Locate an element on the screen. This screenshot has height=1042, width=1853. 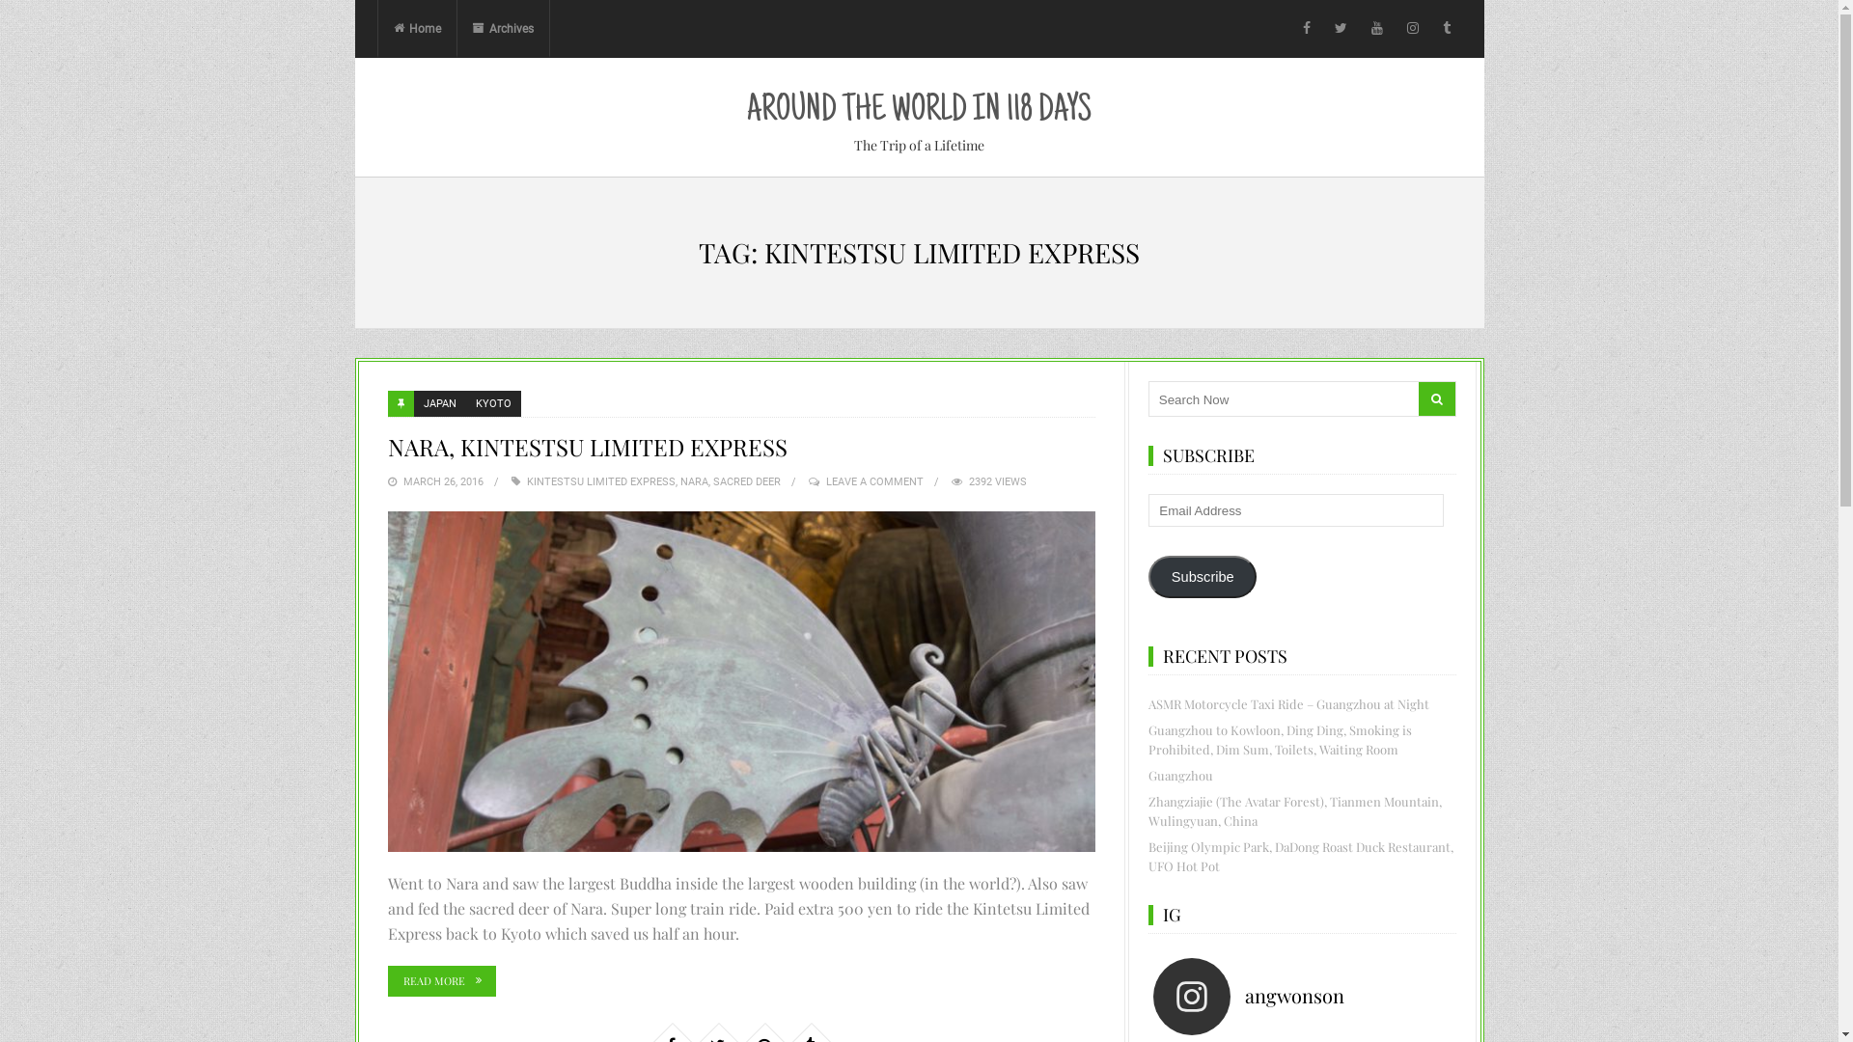
'READ MORE' is located at coordinates (440, 981).